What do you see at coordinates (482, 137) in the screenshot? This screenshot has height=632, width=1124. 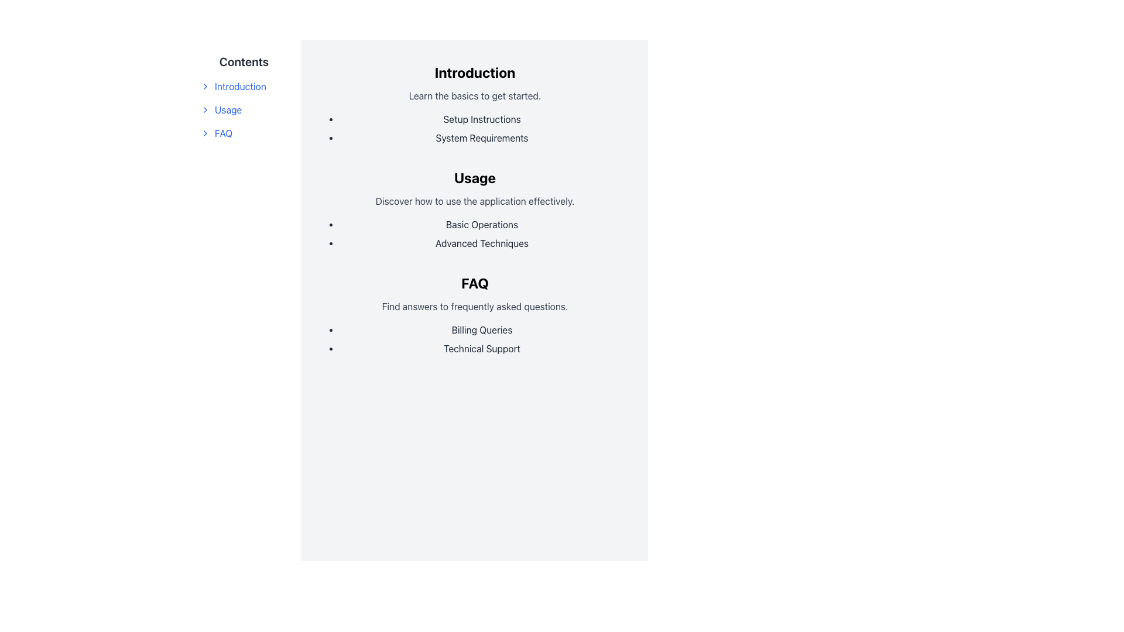 I see `the second item in the indented bulleted list under the heading 'Introduction', which is a Text Label that provides a header or title for content related to system requirements` at bounding box center [482, 137].